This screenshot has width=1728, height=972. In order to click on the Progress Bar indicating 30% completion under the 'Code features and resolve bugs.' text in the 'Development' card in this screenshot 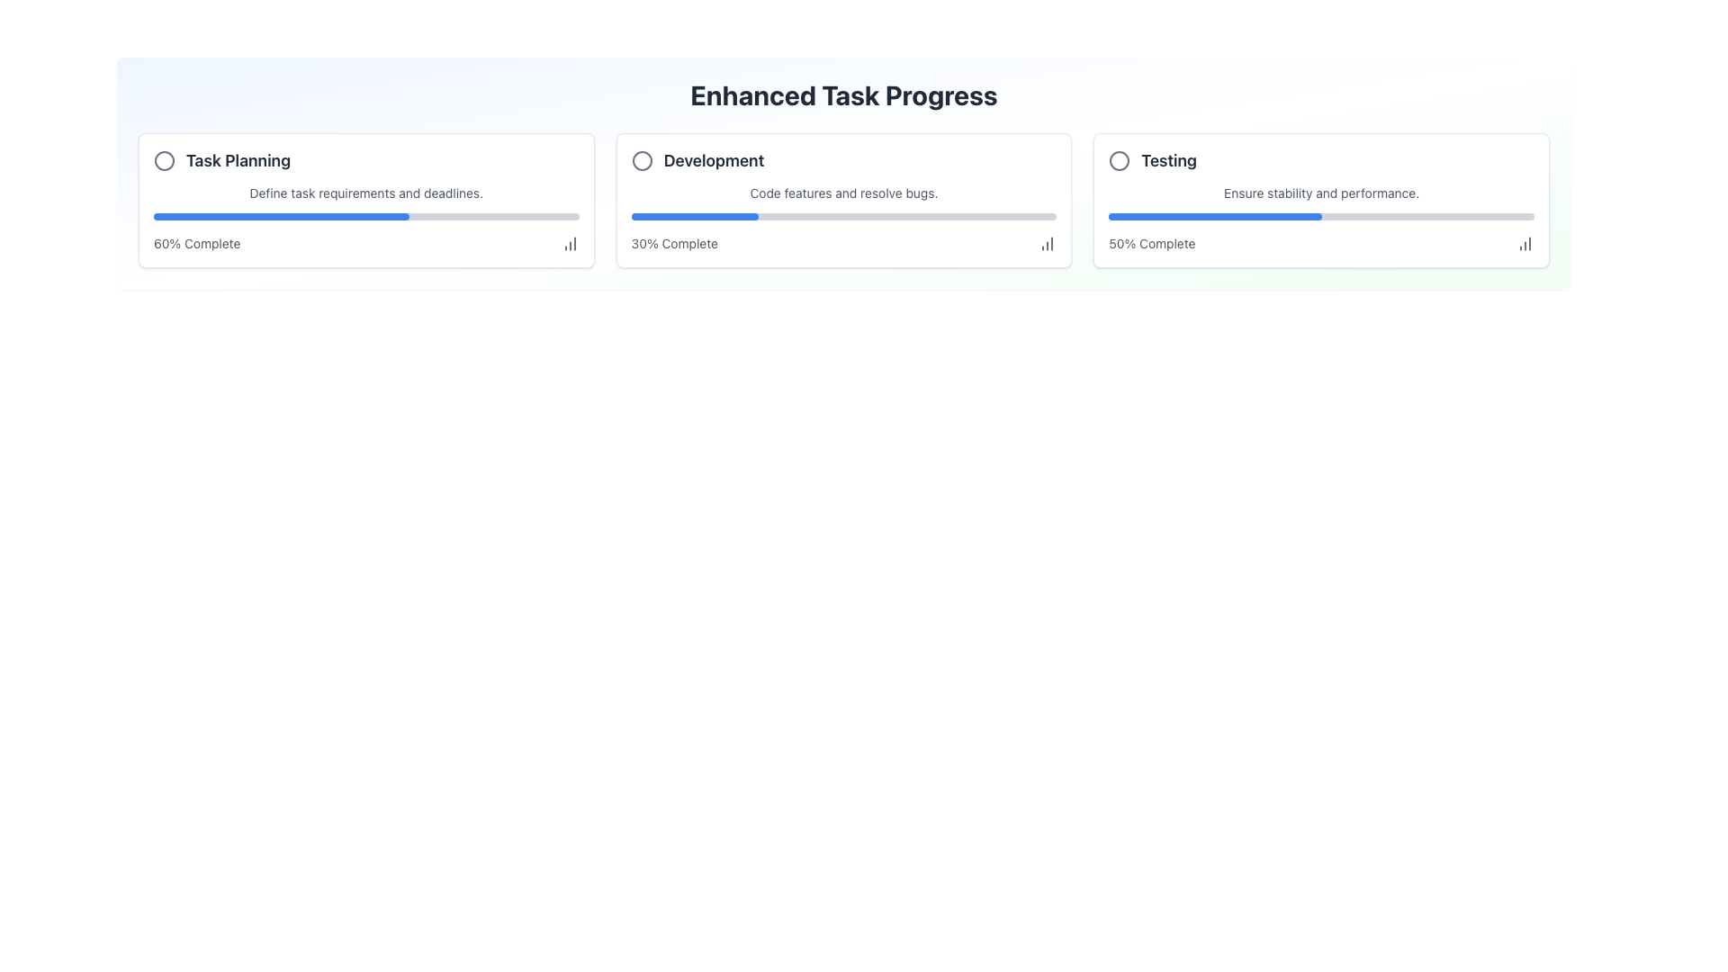, I will do `click(842, 215)`.